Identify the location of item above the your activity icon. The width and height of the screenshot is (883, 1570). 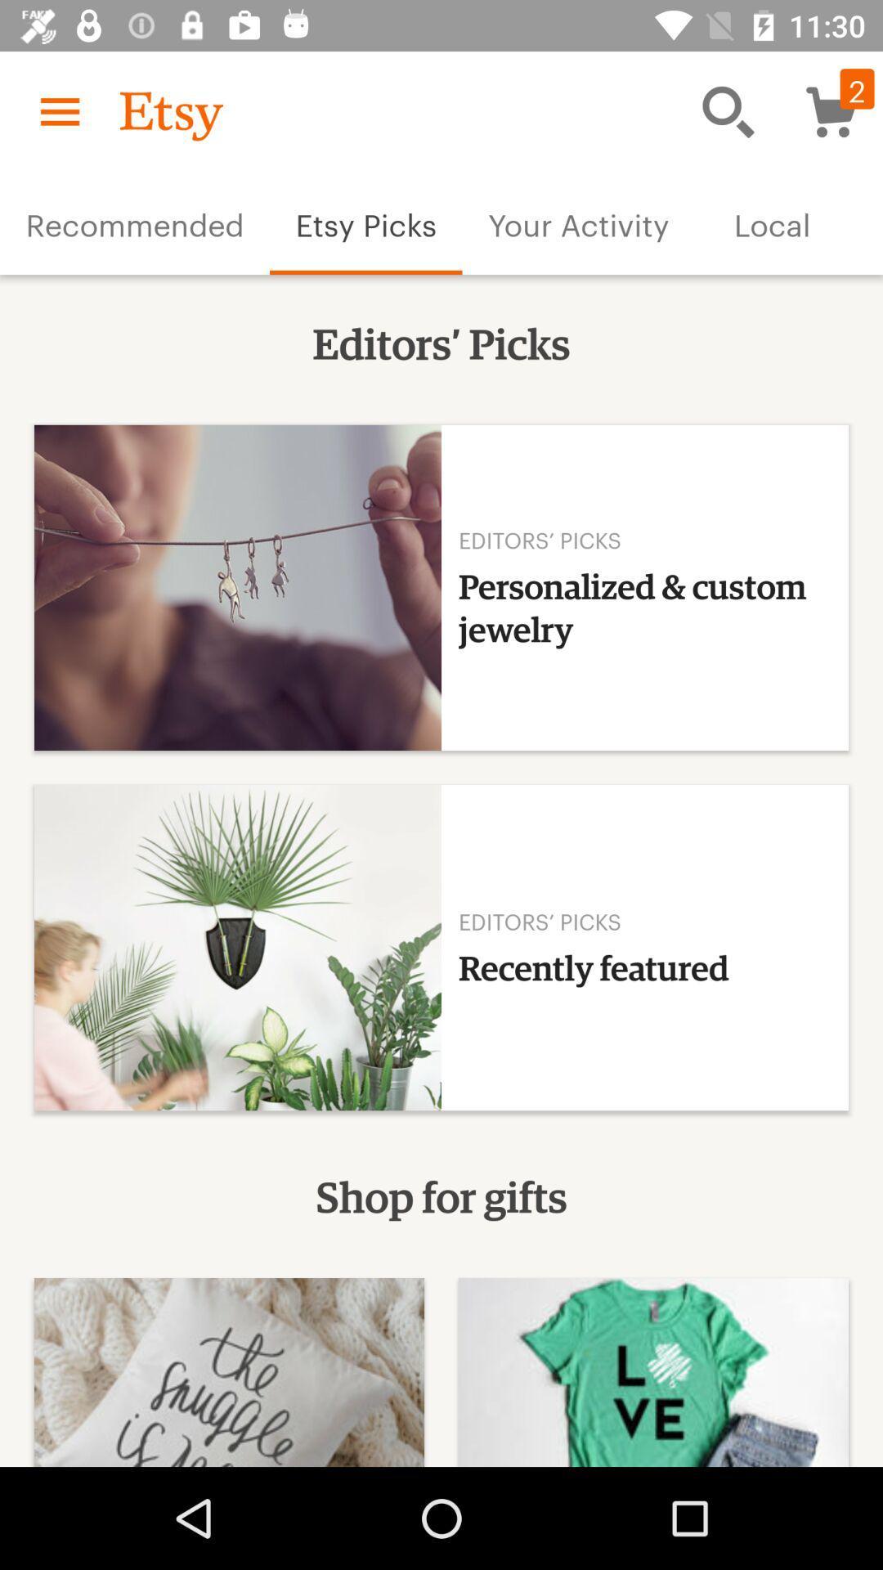
(728, 110).